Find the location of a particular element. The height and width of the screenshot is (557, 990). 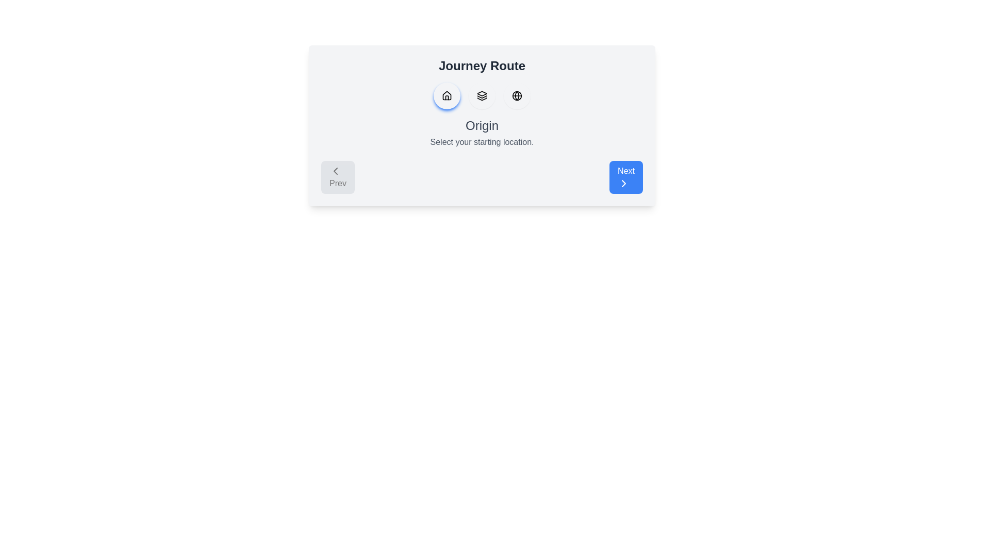

the first circular button in the horizontal row under the 'Journey Route' heading is located at coordinates (447, 95).